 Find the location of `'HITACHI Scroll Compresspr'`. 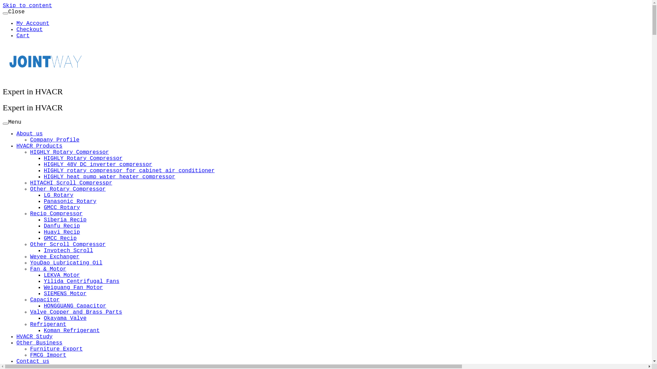

'HITACHI Scroll Compresspr' is located at coordinates (71, 183).